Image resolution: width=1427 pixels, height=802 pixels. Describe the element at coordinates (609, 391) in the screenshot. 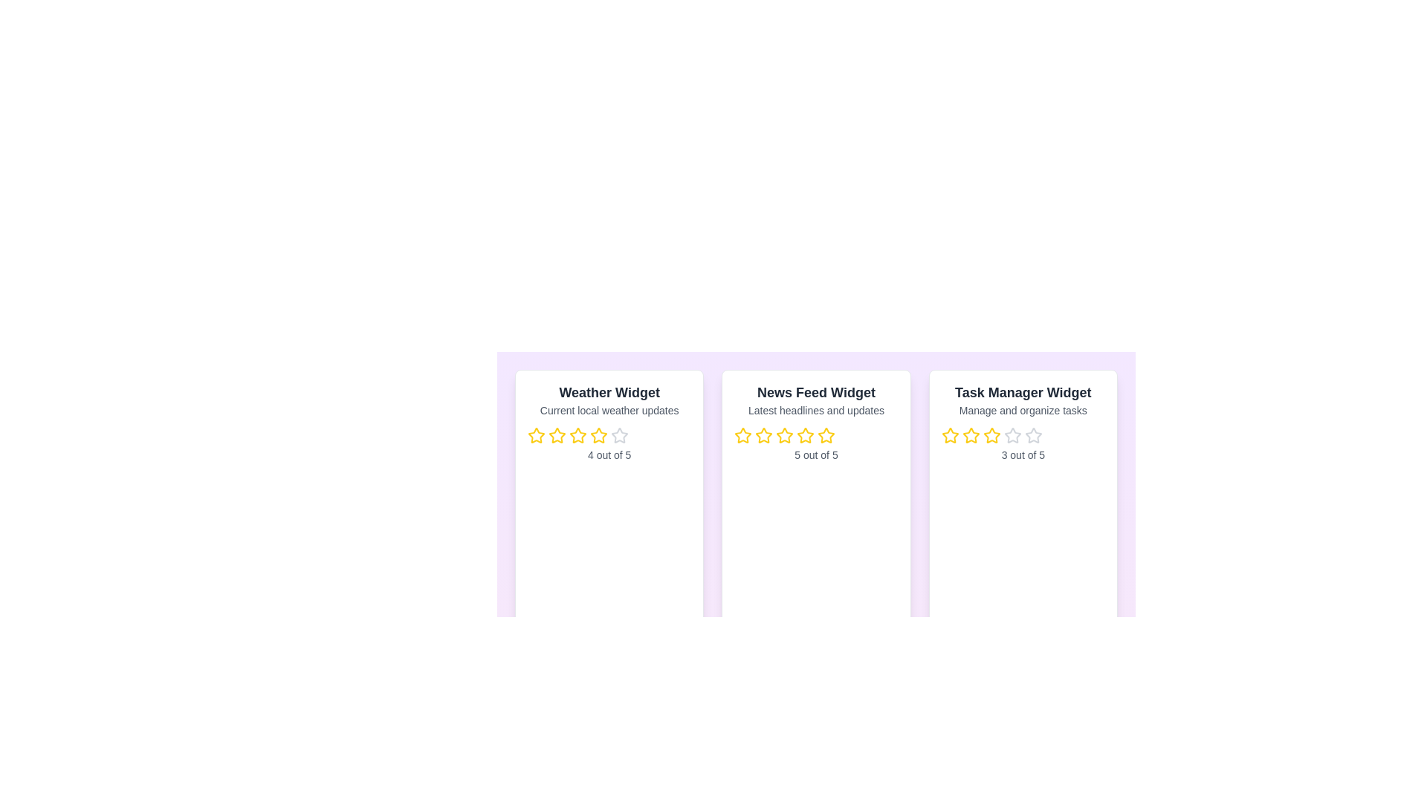

I see `the name of the widget by clicking on the title area` at that location.